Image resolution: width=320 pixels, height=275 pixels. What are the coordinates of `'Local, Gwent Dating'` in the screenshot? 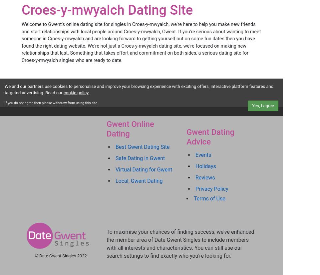 It's located at (139, 181).